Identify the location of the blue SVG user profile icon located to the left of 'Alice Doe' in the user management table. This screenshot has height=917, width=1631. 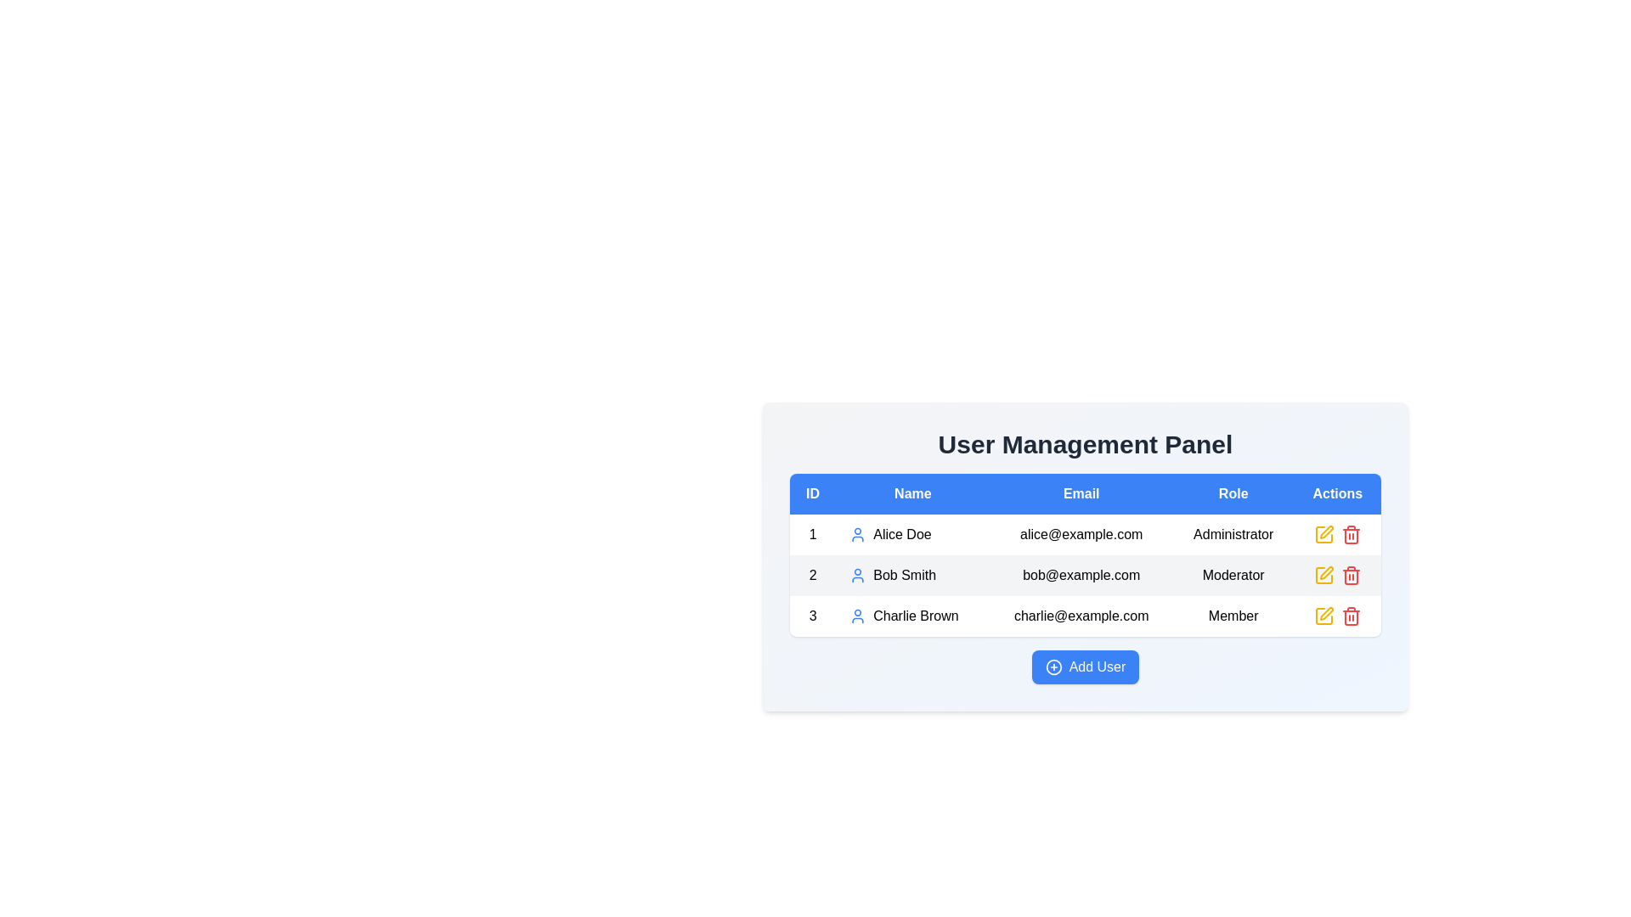
(858, 533).